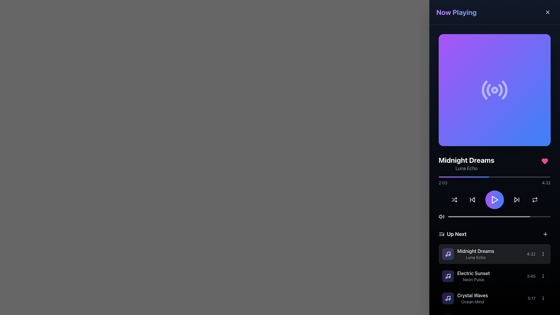 This screenshot has width=560, height=315. Describe the element at coordinates (503, 176) in the screenshot. I see `the audio progress` at that location.